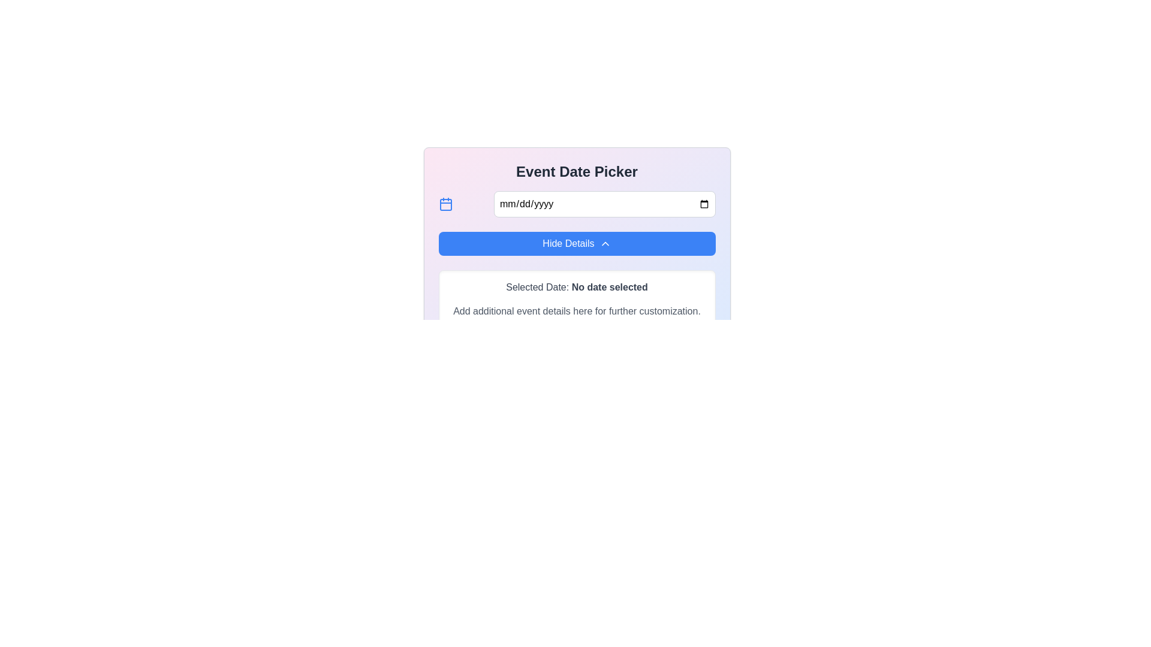  I want to click on the text display element reading 'Selected Date: No date selected', so click(577, 287).